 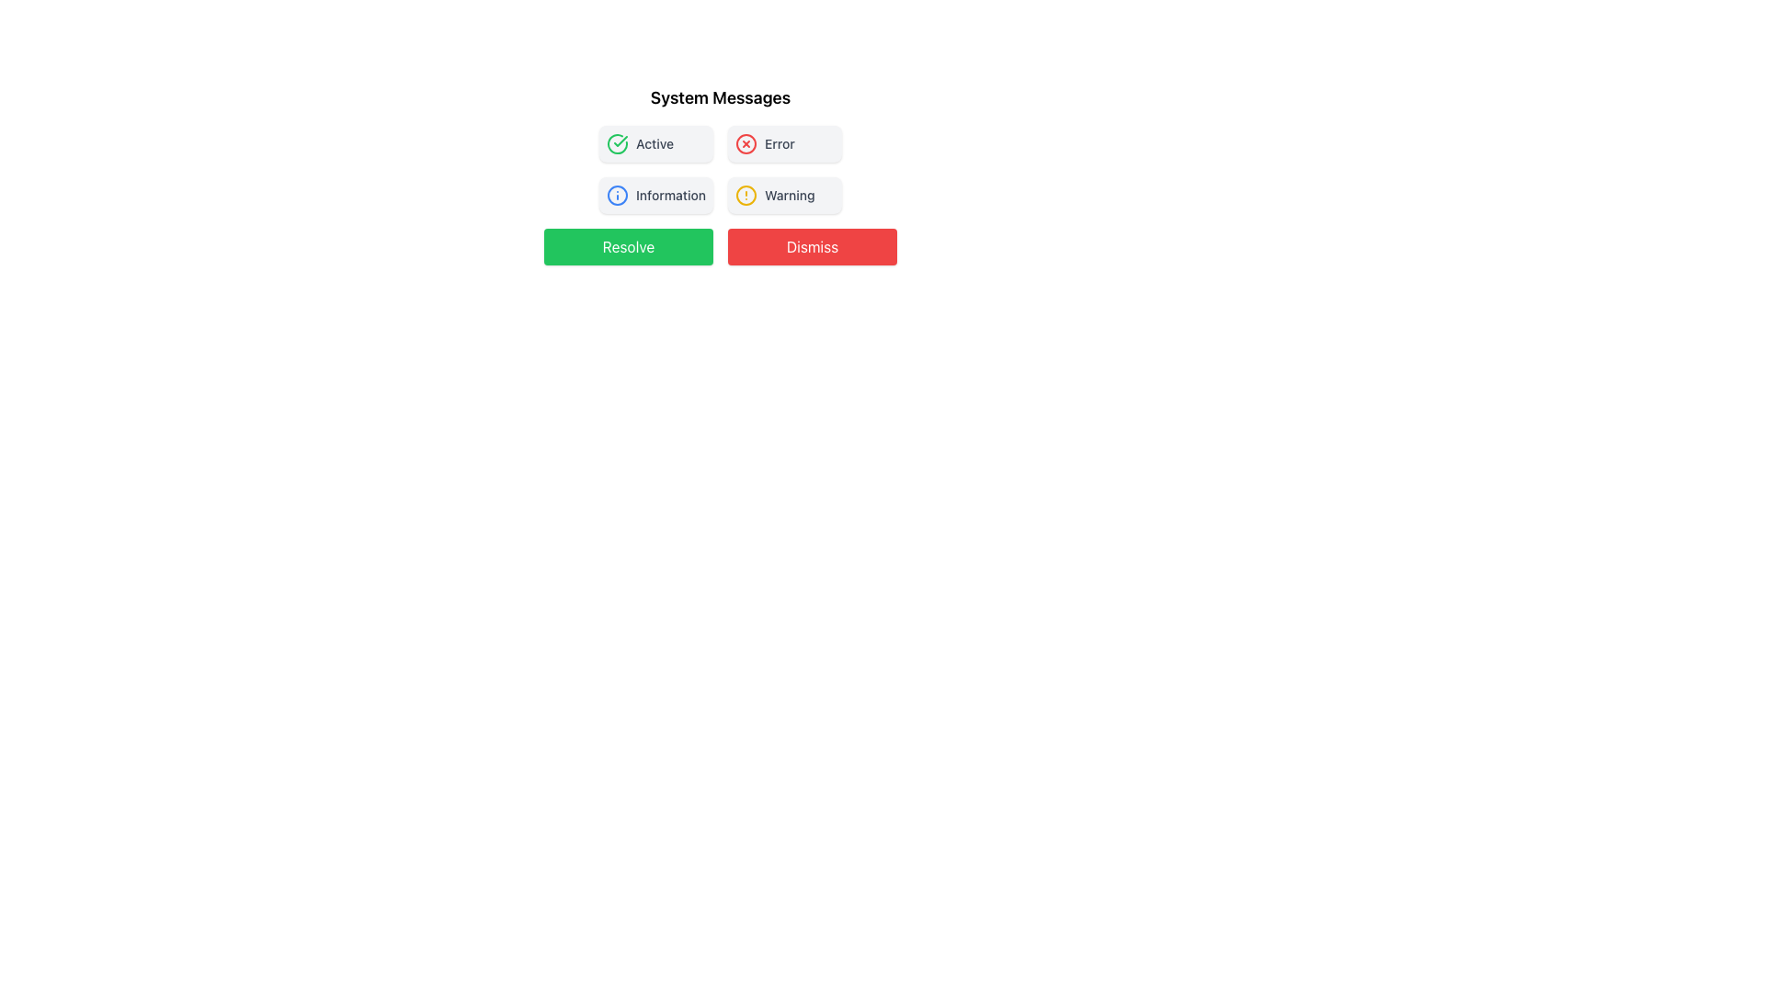 I want to click on the circular information icon with a blue border and white background, positioned to the left of the text 'Information' in the 'System Messages' section, so click(x=618, y=195).